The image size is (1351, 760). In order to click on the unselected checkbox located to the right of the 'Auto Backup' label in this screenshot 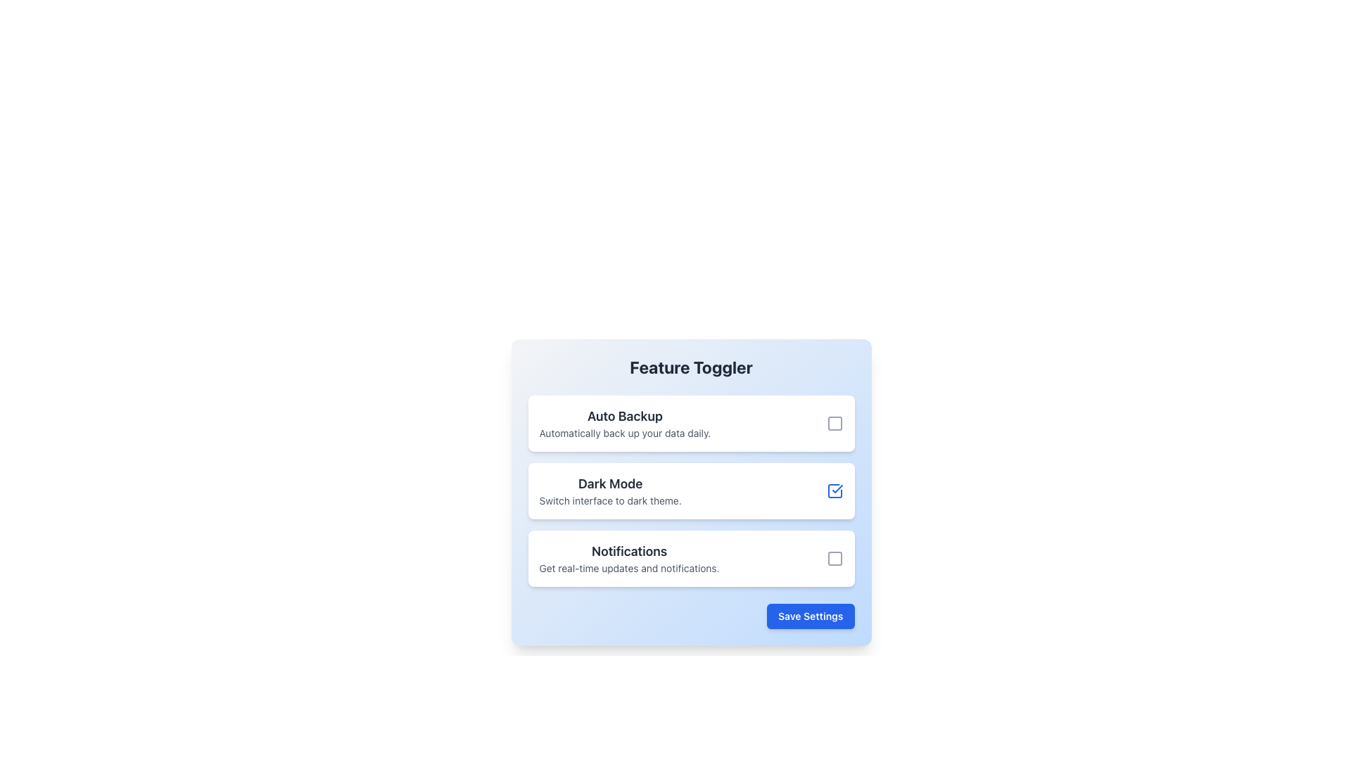, I will do `click(835, 422)`.